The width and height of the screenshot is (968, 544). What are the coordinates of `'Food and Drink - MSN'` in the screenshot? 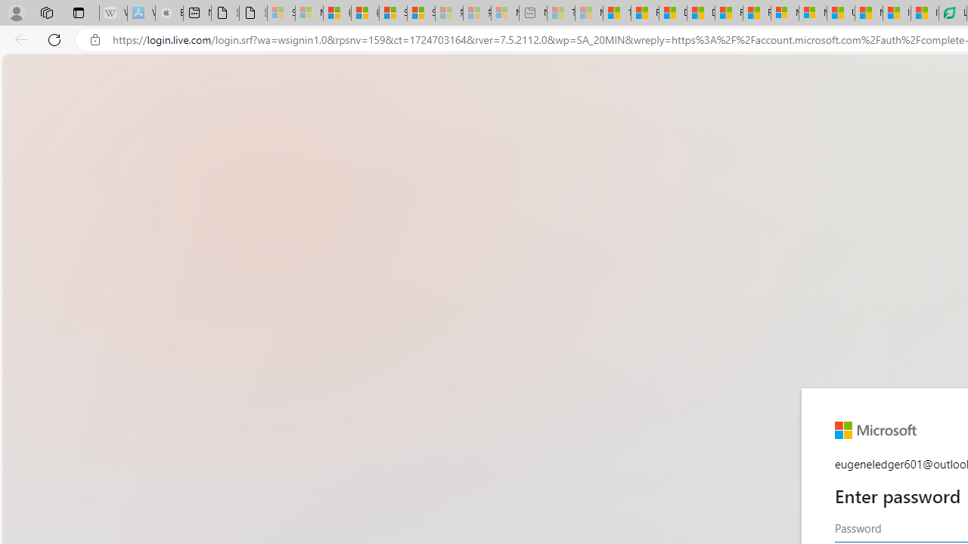 It's located at (645, 13).